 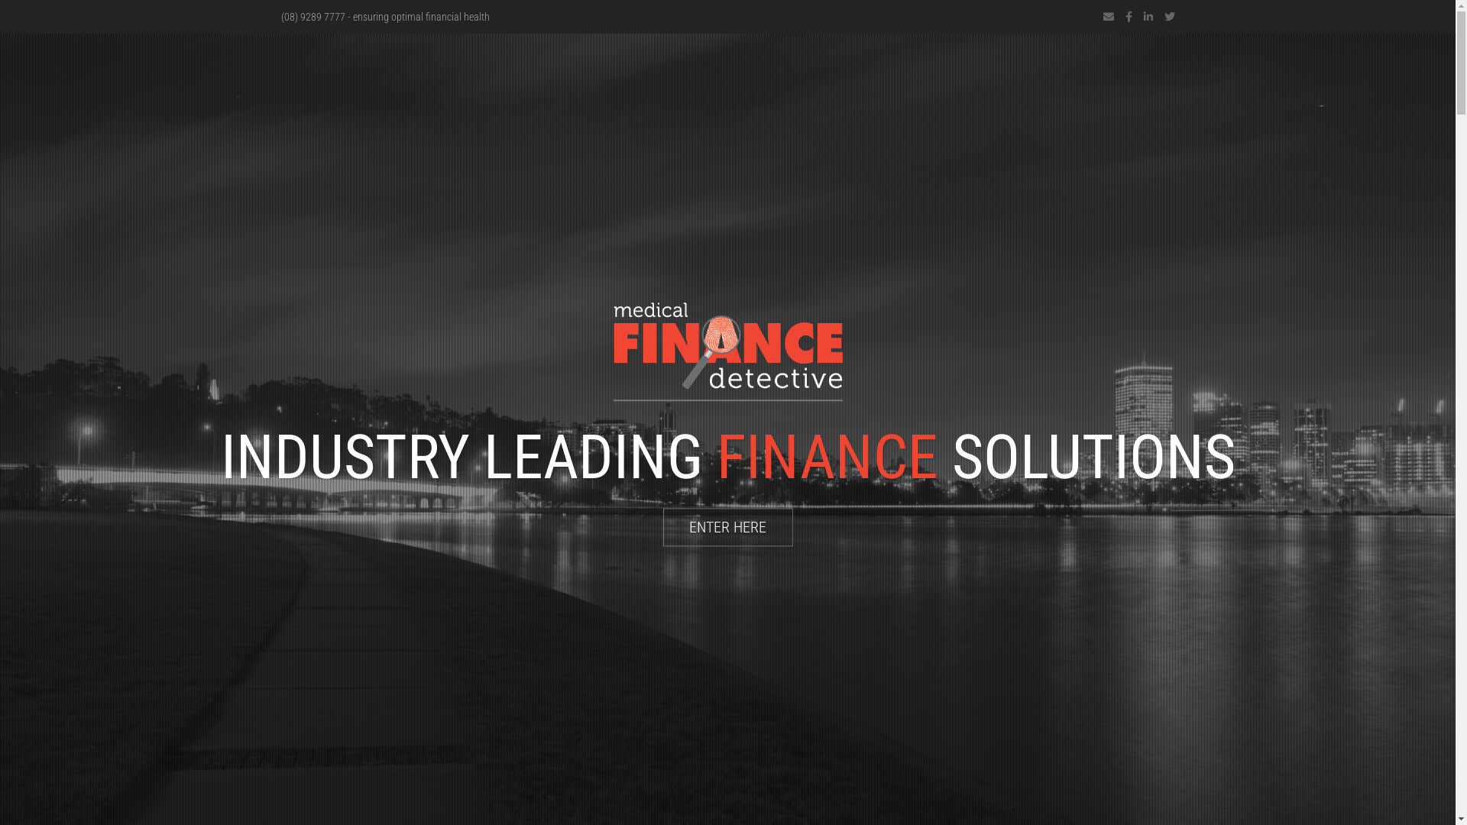 What do you see at coordinates (727, 526) in the screenshot?
I see `'ENTER HERE'` at bounding box center [727, 526].